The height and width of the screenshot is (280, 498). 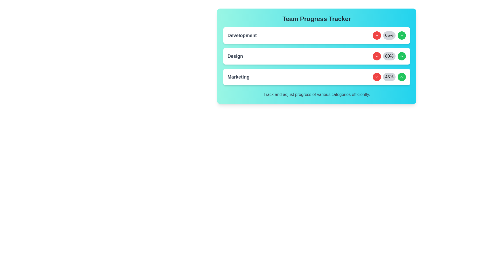 What do you see at coordinates (377, 77) in the screenshot?
I see `the red circular button with a white downward-facing chevron icon in the Marketing progress section to decrease progress` at bounding box center [377, 77].